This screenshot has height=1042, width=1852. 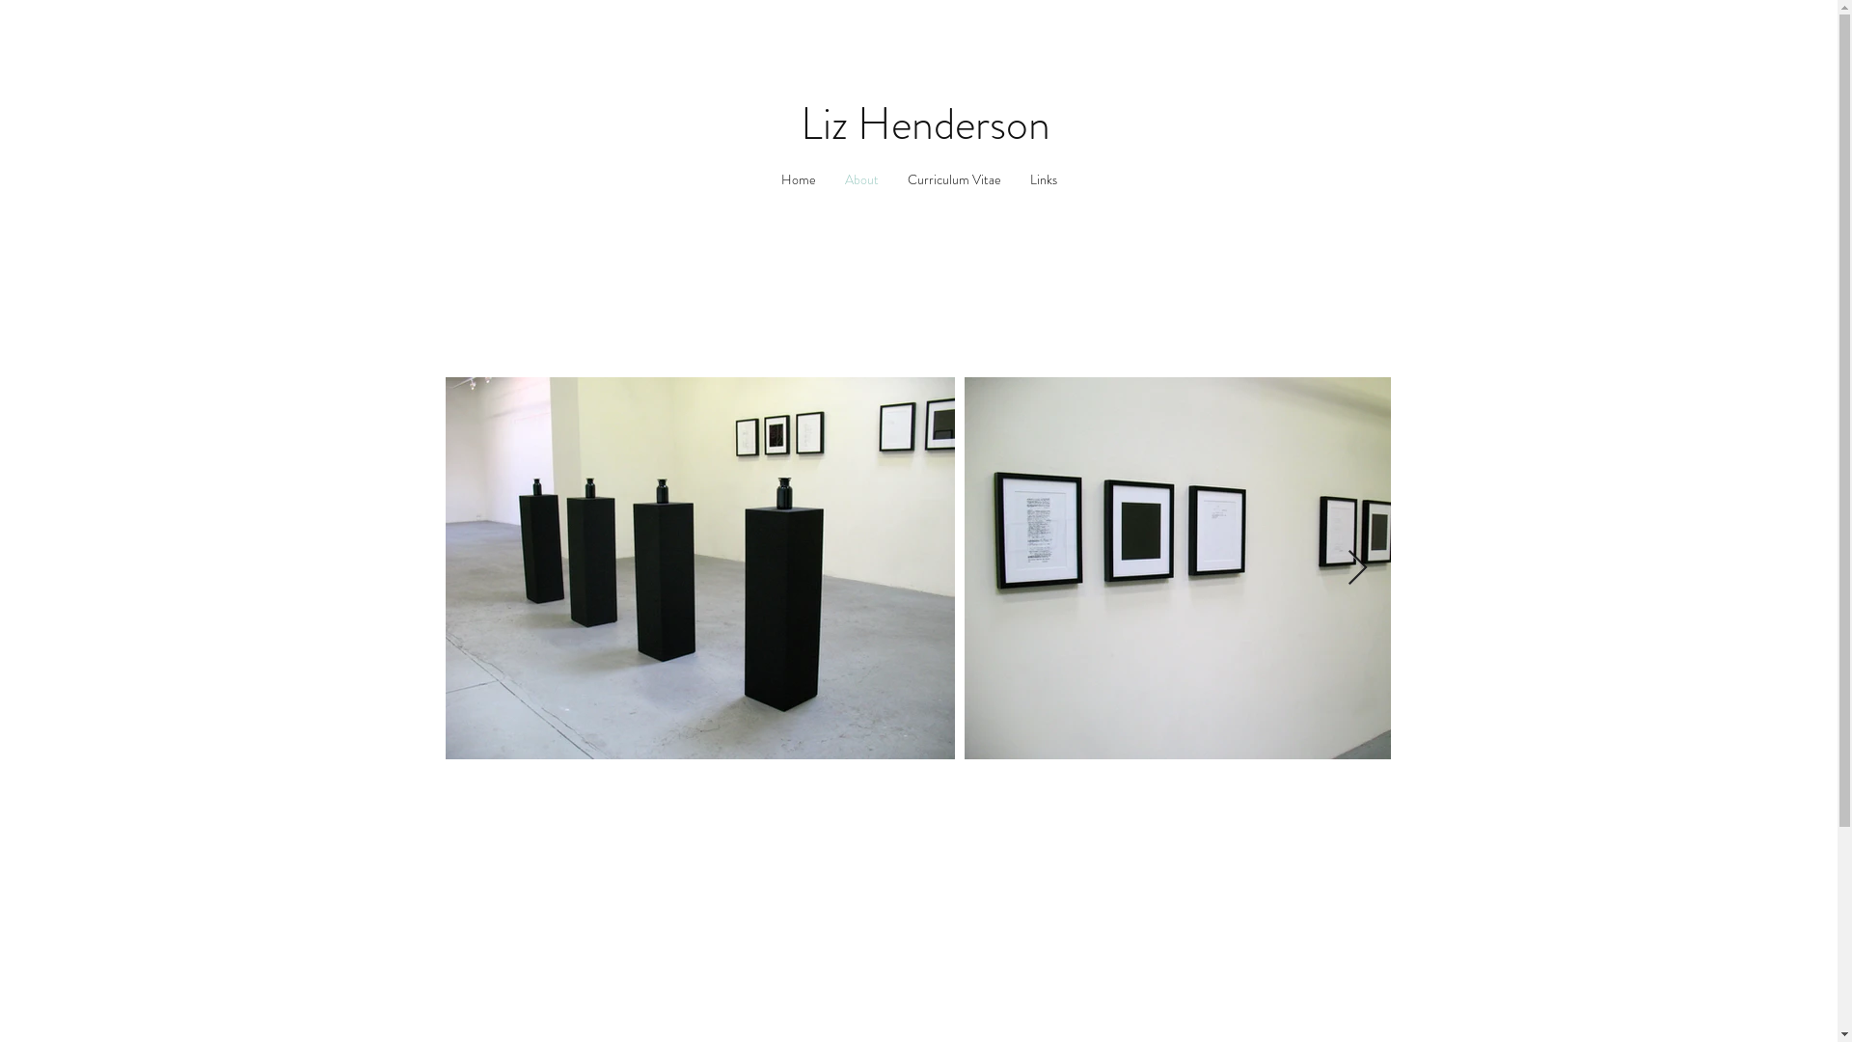 What do you see at coordinates (1041, 179) in the screenshot?
I see `'Links'` at bounding box center [1041, 179].